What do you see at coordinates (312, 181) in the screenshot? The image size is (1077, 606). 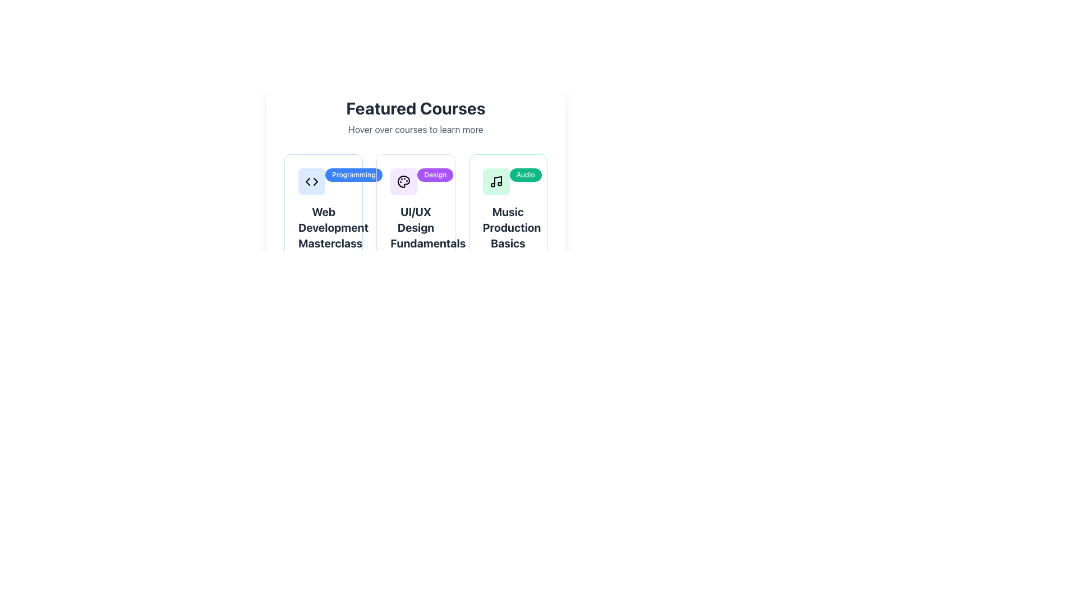 I see `the 'Programming' icon located at the top-left corner of the section, above the title 'Web Development Masterclass'` at bounding box center [312, 181].